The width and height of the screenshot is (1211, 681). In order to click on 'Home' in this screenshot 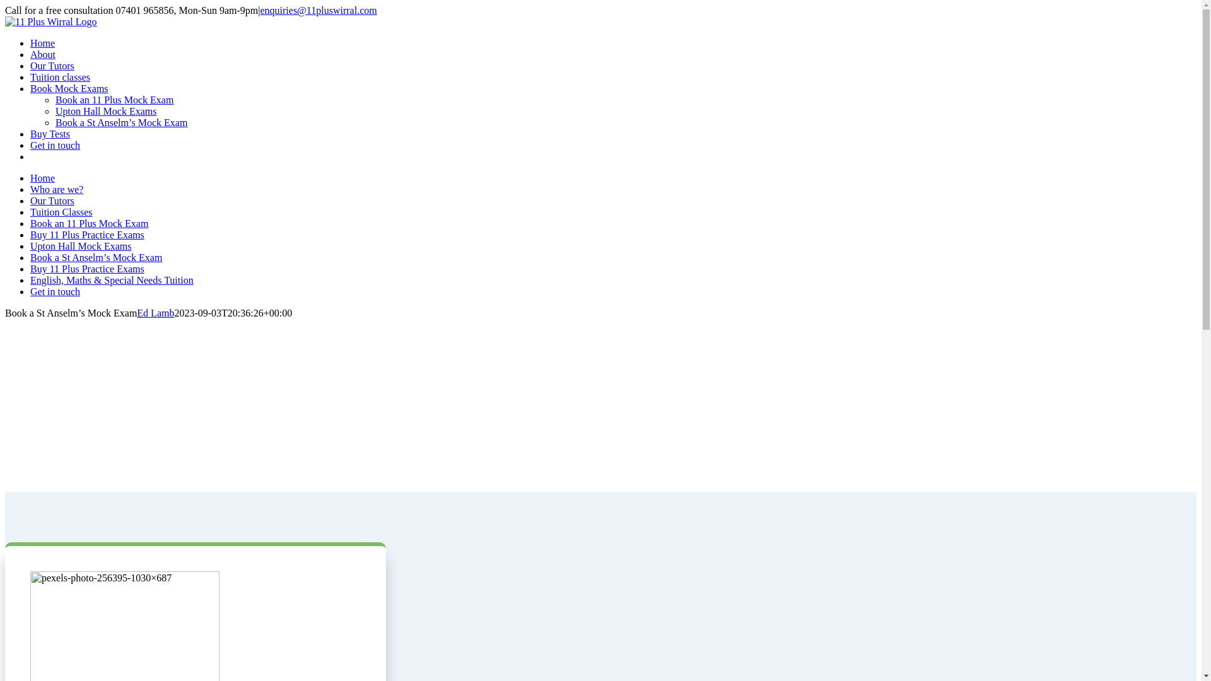, I will do `click(42, 178)`.